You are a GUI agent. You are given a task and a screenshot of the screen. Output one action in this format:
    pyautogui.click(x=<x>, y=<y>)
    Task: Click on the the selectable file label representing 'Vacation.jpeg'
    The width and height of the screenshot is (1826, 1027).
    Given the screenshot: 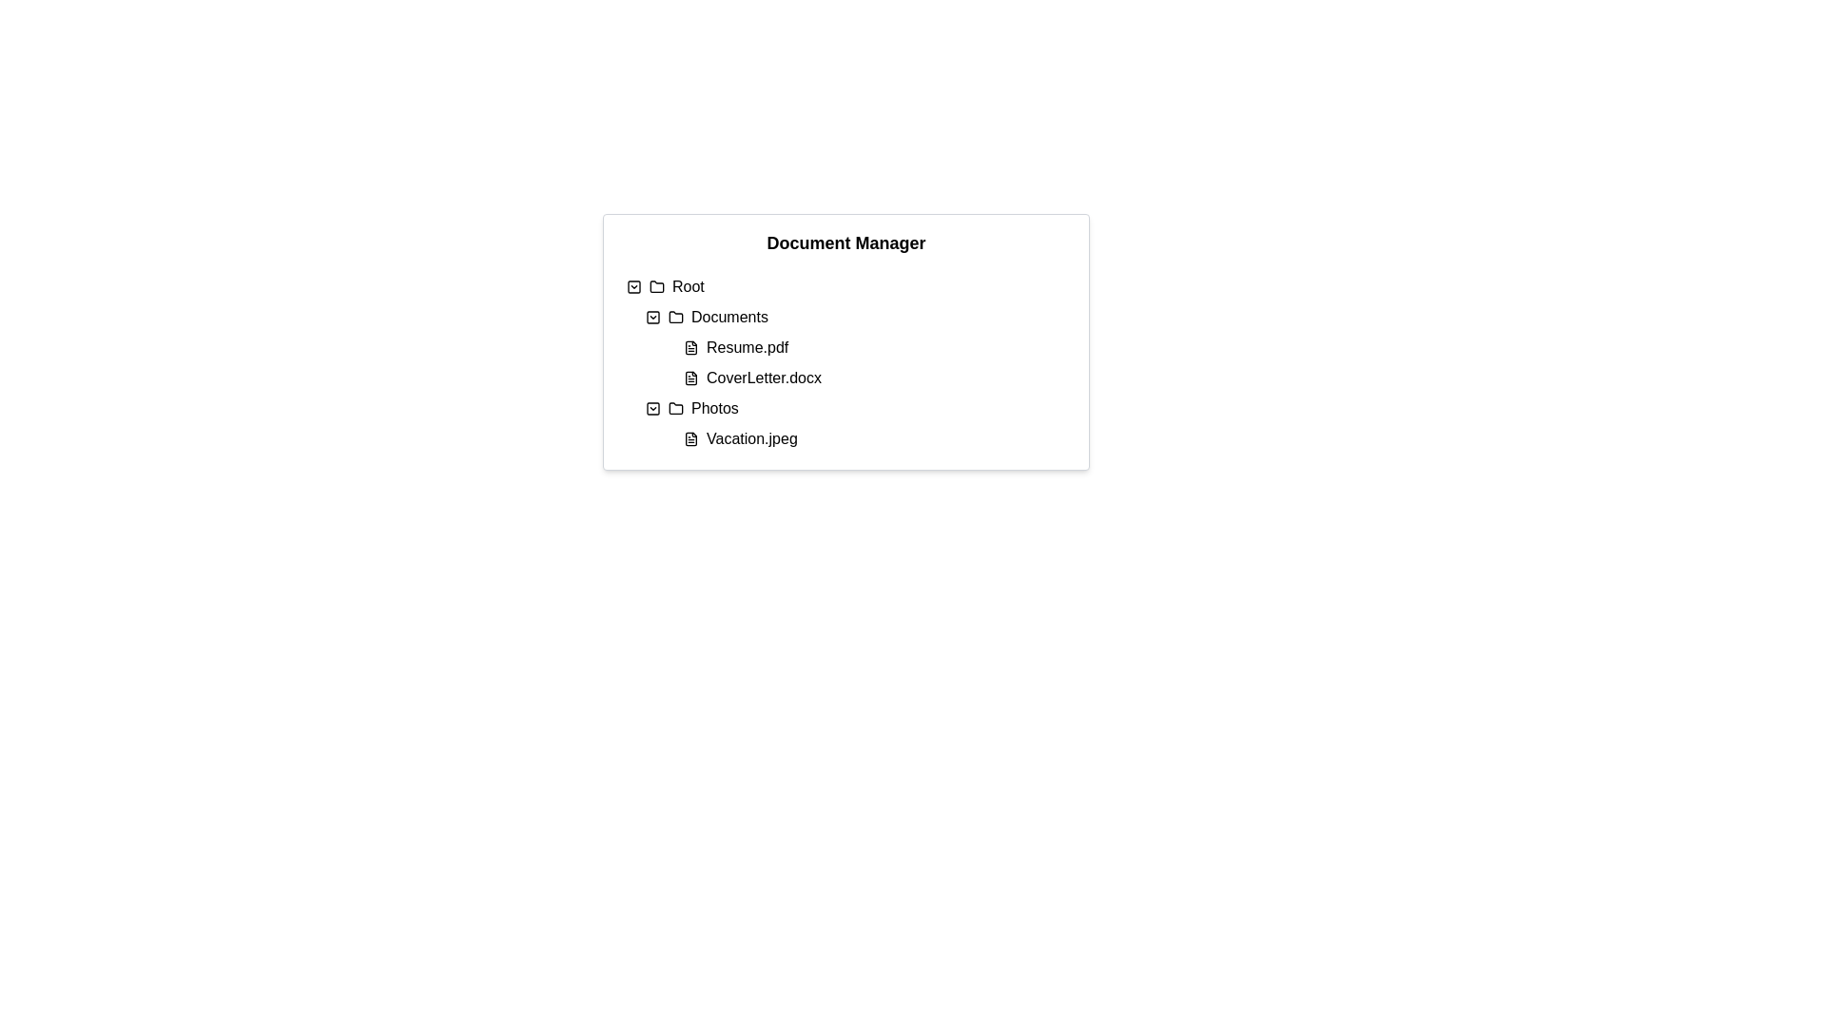 What is the action you would take?
    pyautogui.click(x=750, y=439)
    